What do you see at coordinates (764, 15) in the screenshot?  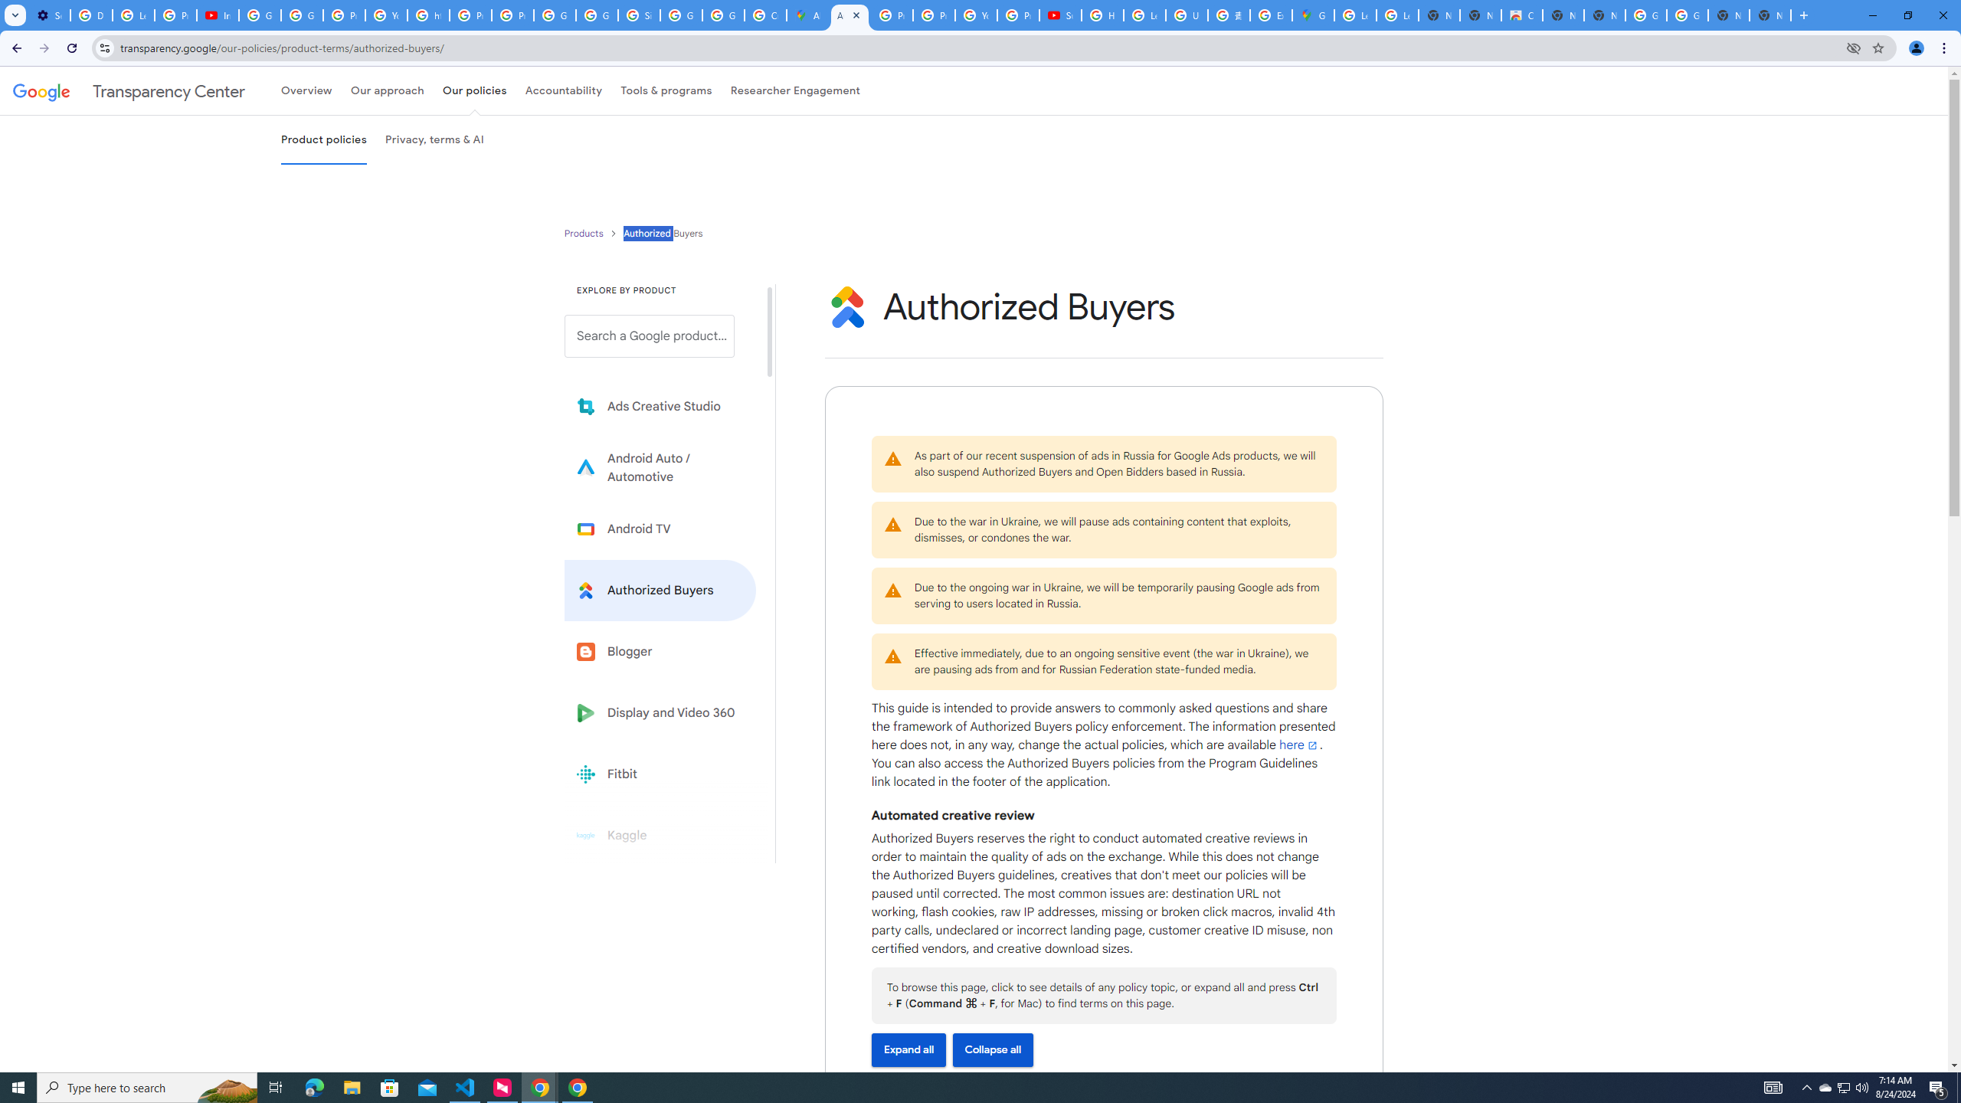 I see `'Create your Google Account'` at bounding box center [764, 15].